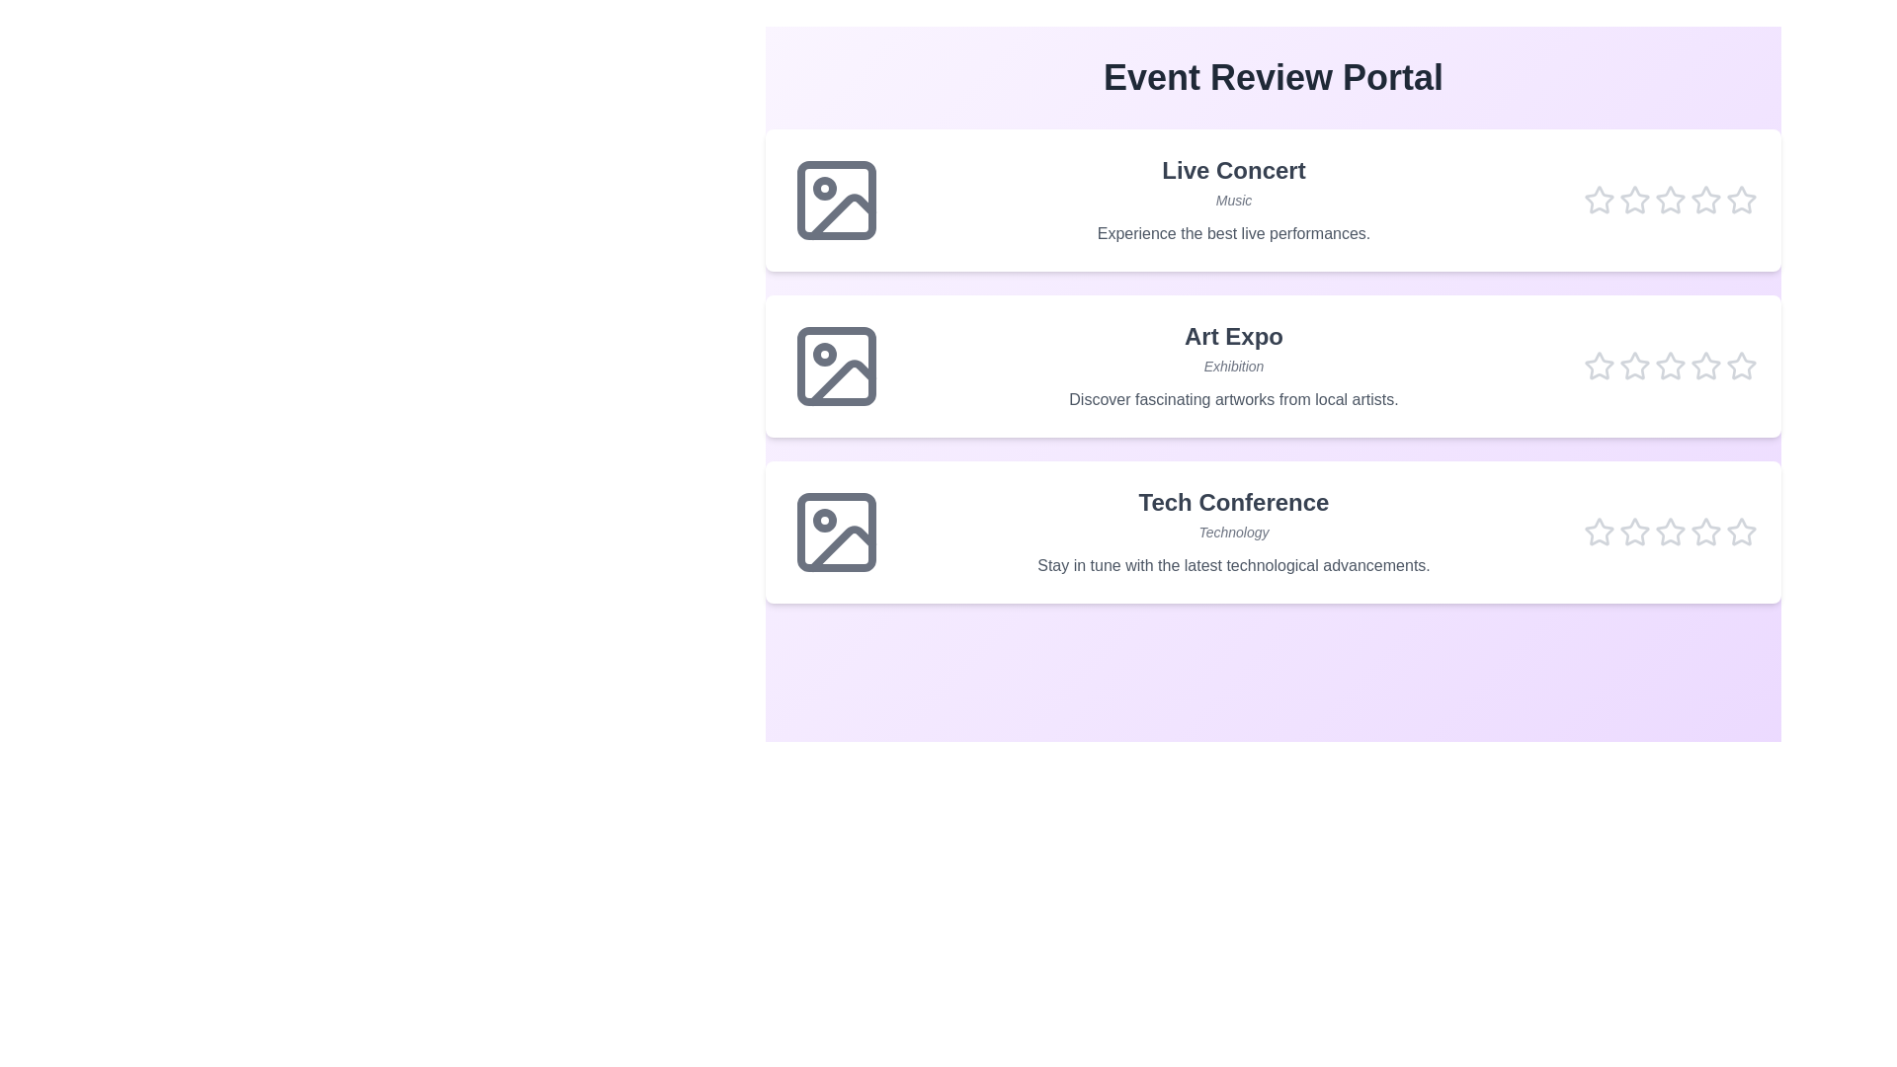  Describe the element at coordinates (1705, 532) in the screenshot. I see `the star corresponding to the rating 4 for the event Tech Conference` at that location.